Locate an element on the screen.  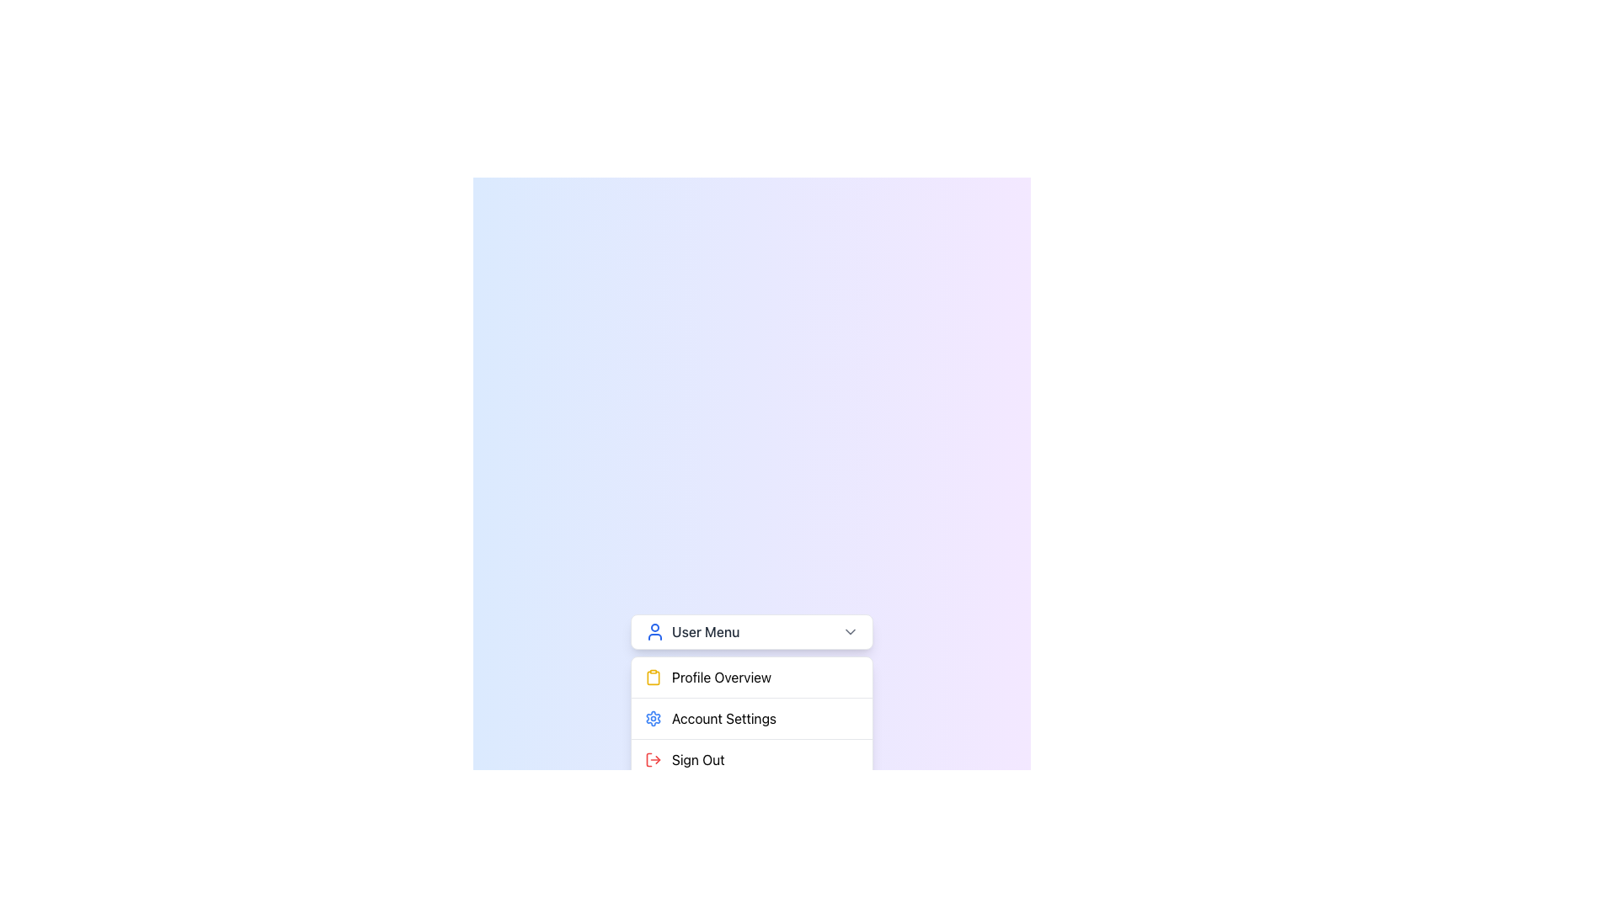
the red-colored logout icon with an arrow pointing to the right, located near the 'Sign Out' text label in the bottom-most option of the menu dropdown is located at coordinates (653, 759).